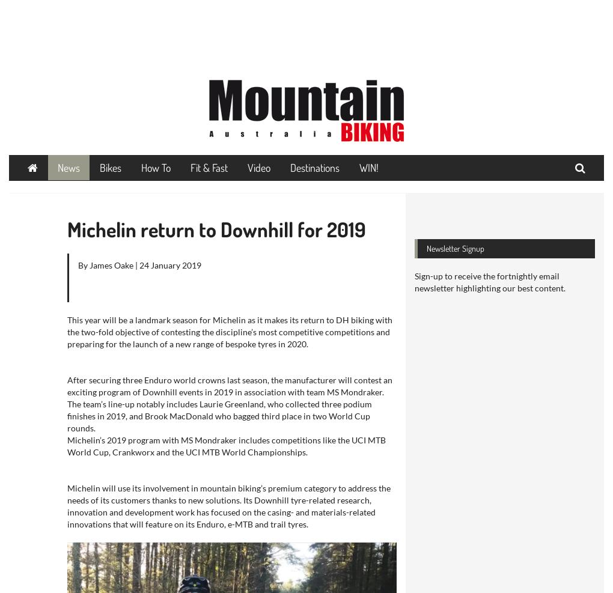 This screenshot has height=593, width=613. What do you see at coordinates (426, 248) in the screenshot?
I see `'Newsletter Signup'` at bounding box center [426, 248].